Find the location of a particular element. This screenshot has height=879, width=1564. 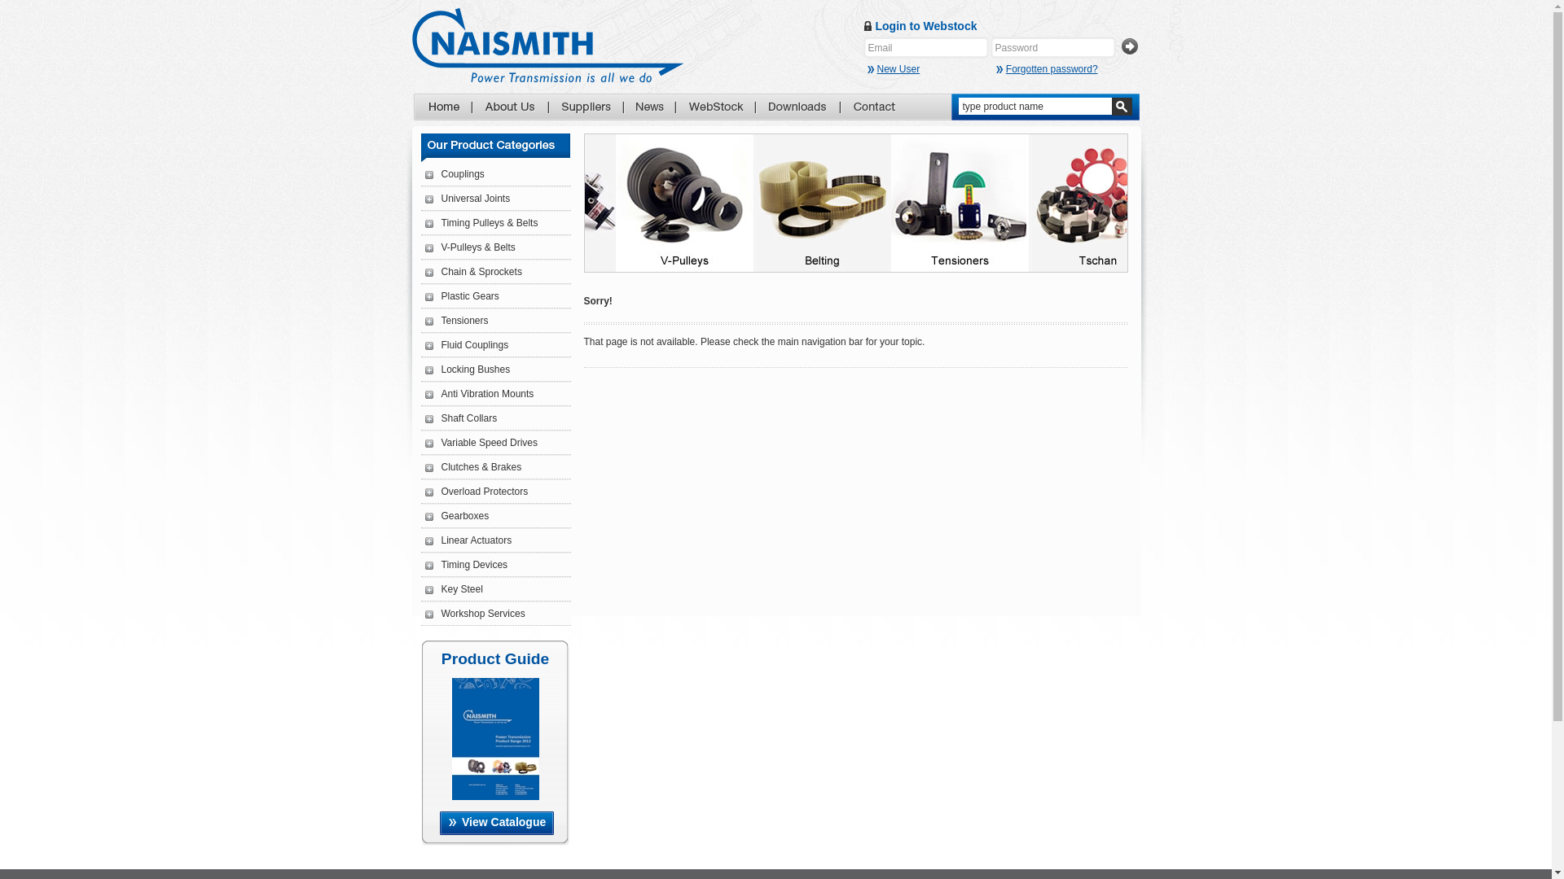

'Locking Bushes' is located at coordinates (467, 370).